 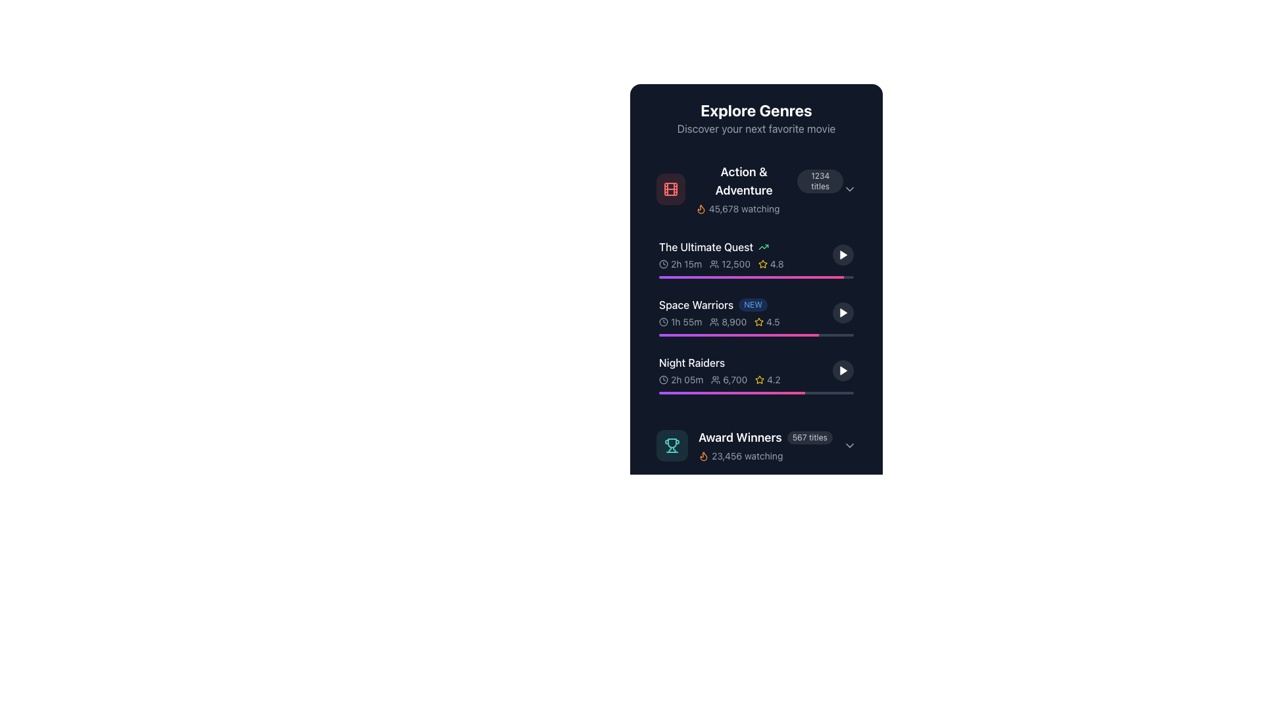 What do you see at coordinates (759, 321) in the screenshot?
I see `the yellow star icon representing the rating indicator for 'Space Warriors', located to the left of the numeric rating '4.5'` at bounding box center [759, 321].